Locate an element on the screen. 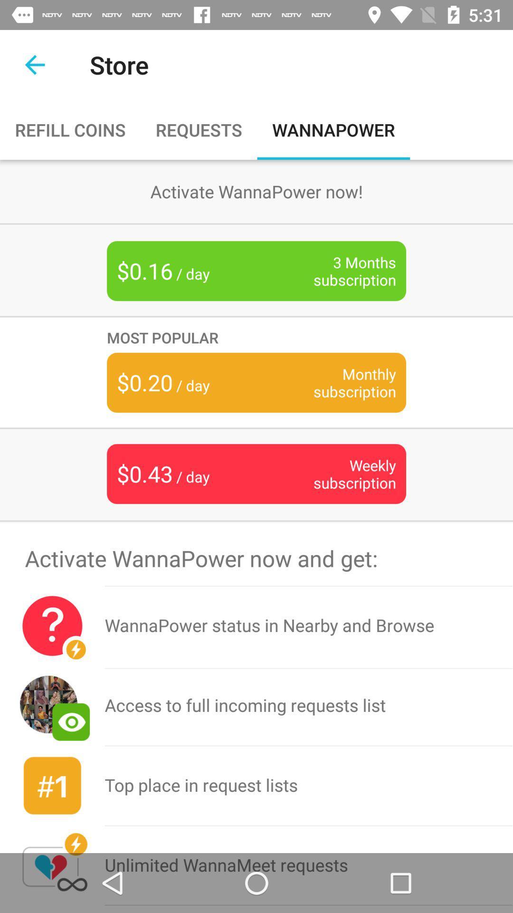  icon next to the wannapower status in is located at coordinates (52, 626).